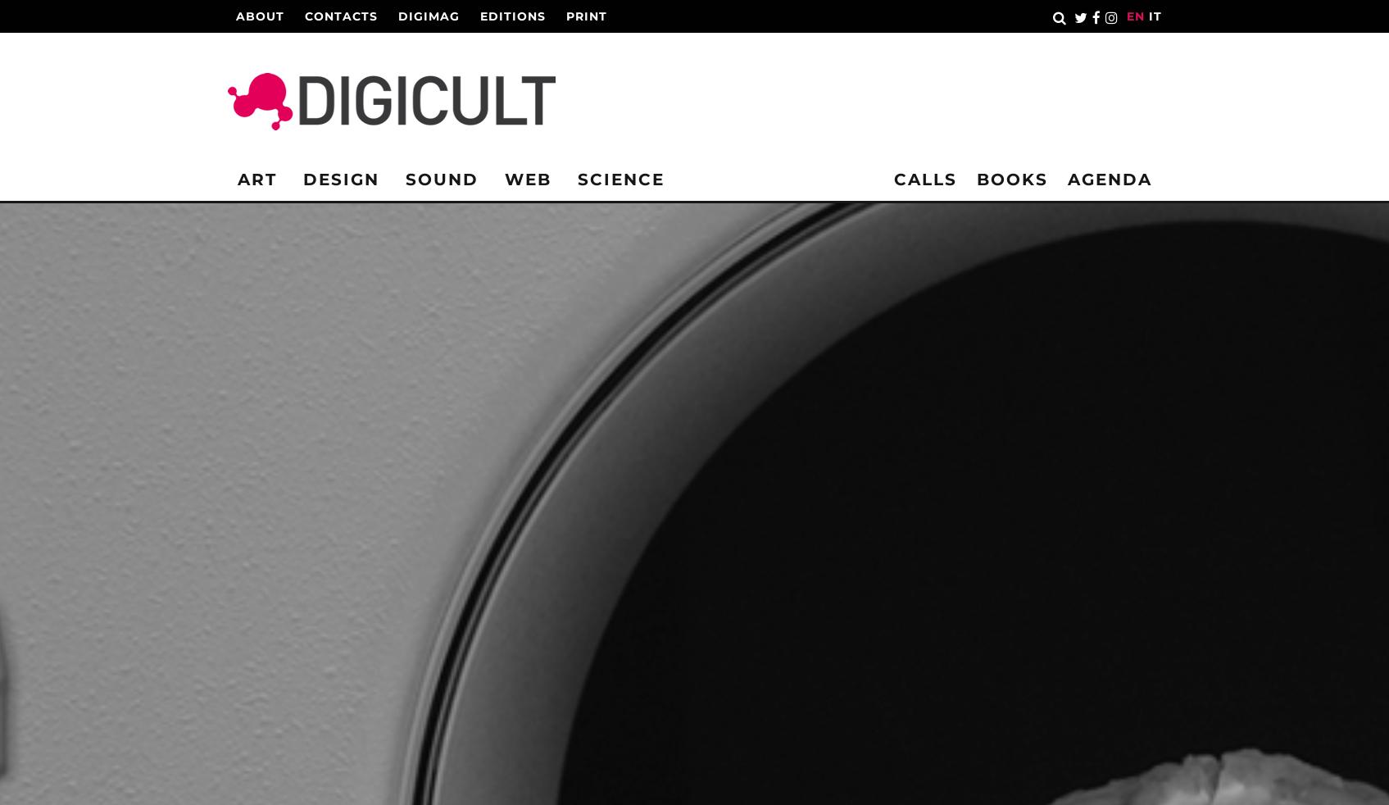 The image size is (1389, 805). I want to click on 'Digimag', so click(428, 16).